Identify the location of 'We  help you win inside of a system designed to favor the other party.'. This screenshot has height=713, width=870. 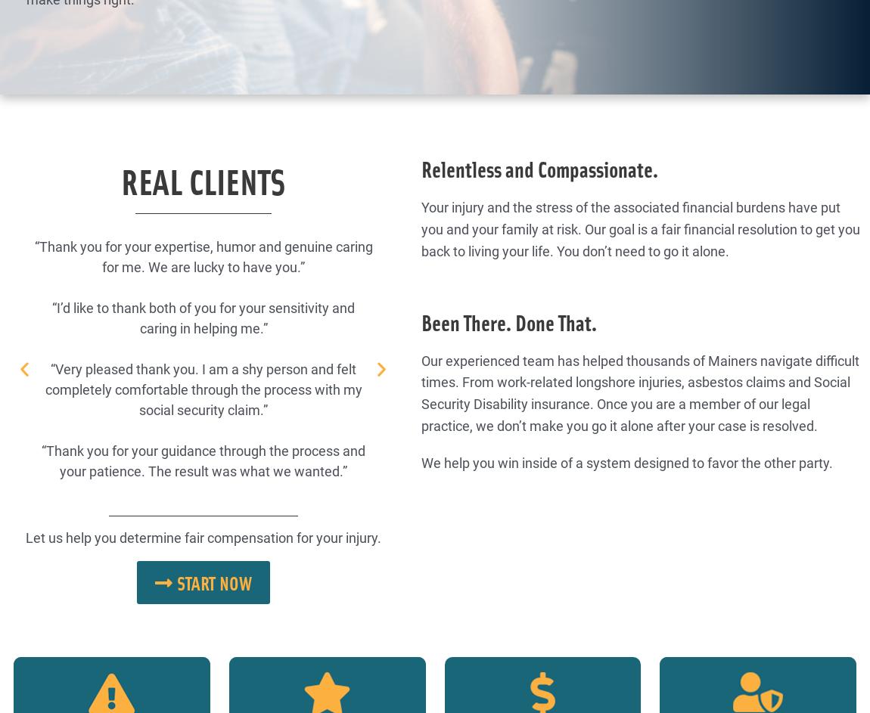
(626, 461).